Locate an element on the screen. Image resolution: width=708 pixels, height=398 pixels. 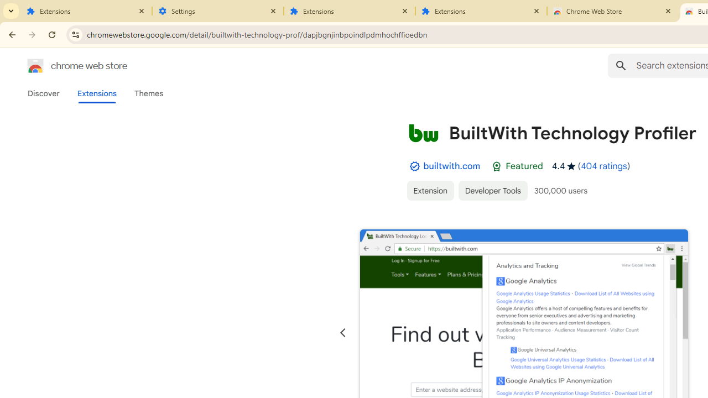
'Previous slide' is located at coordinates (342, 332).